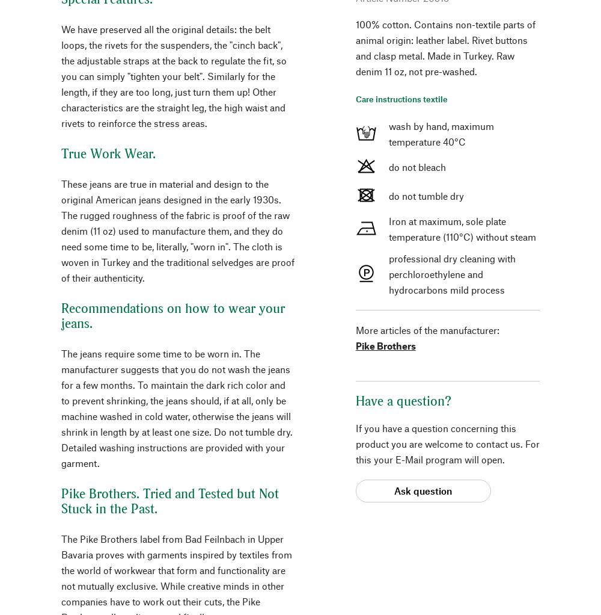 This screenshot has height=615, width=601. What do you see at coordinates (444, 46) in the screenshot?
I see `'100% cotton. Contains non-textile parts of animal origin: leather label. Rivet buttons and clasp metal. Made in Turkey. Raw denim 11 oz, not pre-washed.'` at bounding box center [444, 46].